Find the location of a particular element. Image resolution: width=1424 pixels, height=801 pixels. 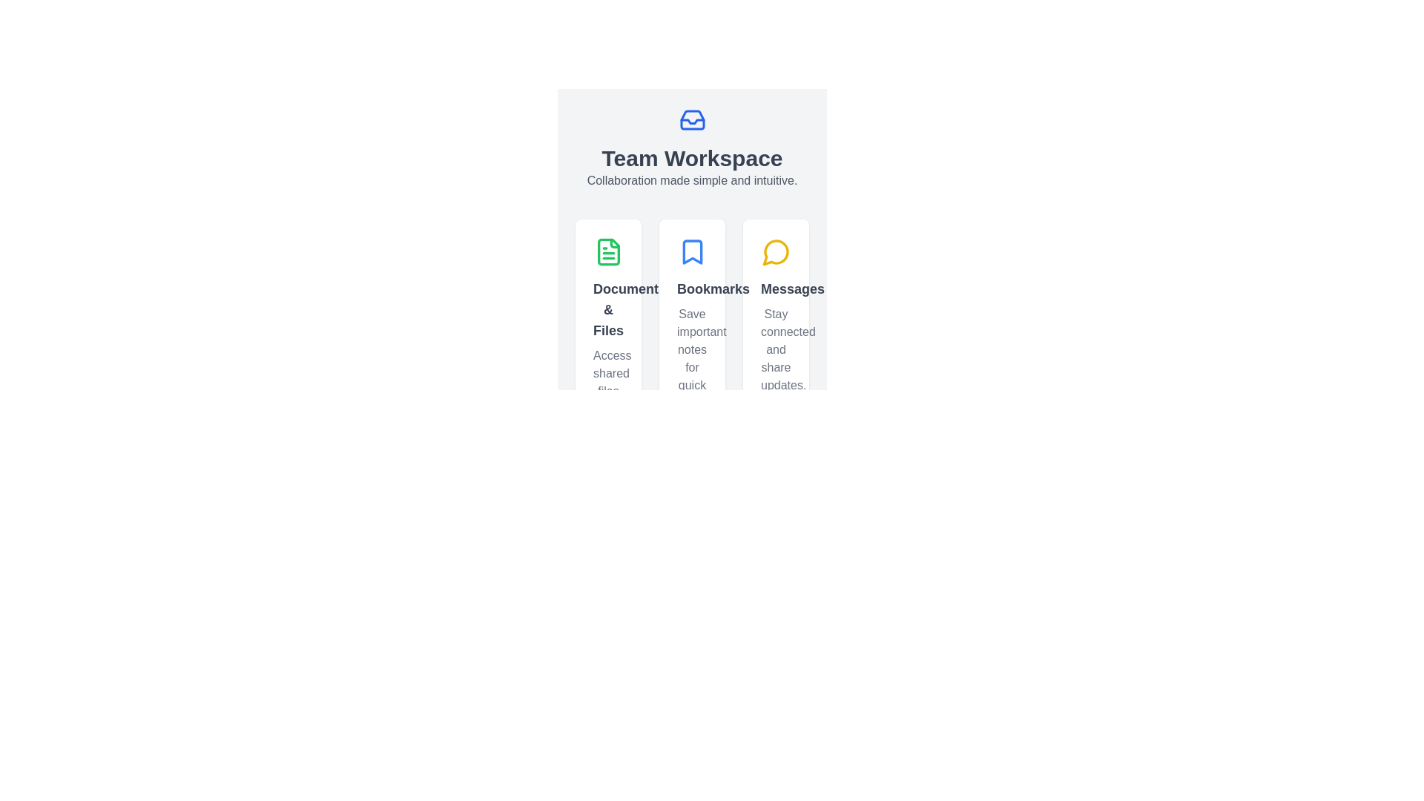

the icon representing the application's focus related to teamwork or communication, located above the 'Team Workspace' heading is located at coordinates (691, 119).